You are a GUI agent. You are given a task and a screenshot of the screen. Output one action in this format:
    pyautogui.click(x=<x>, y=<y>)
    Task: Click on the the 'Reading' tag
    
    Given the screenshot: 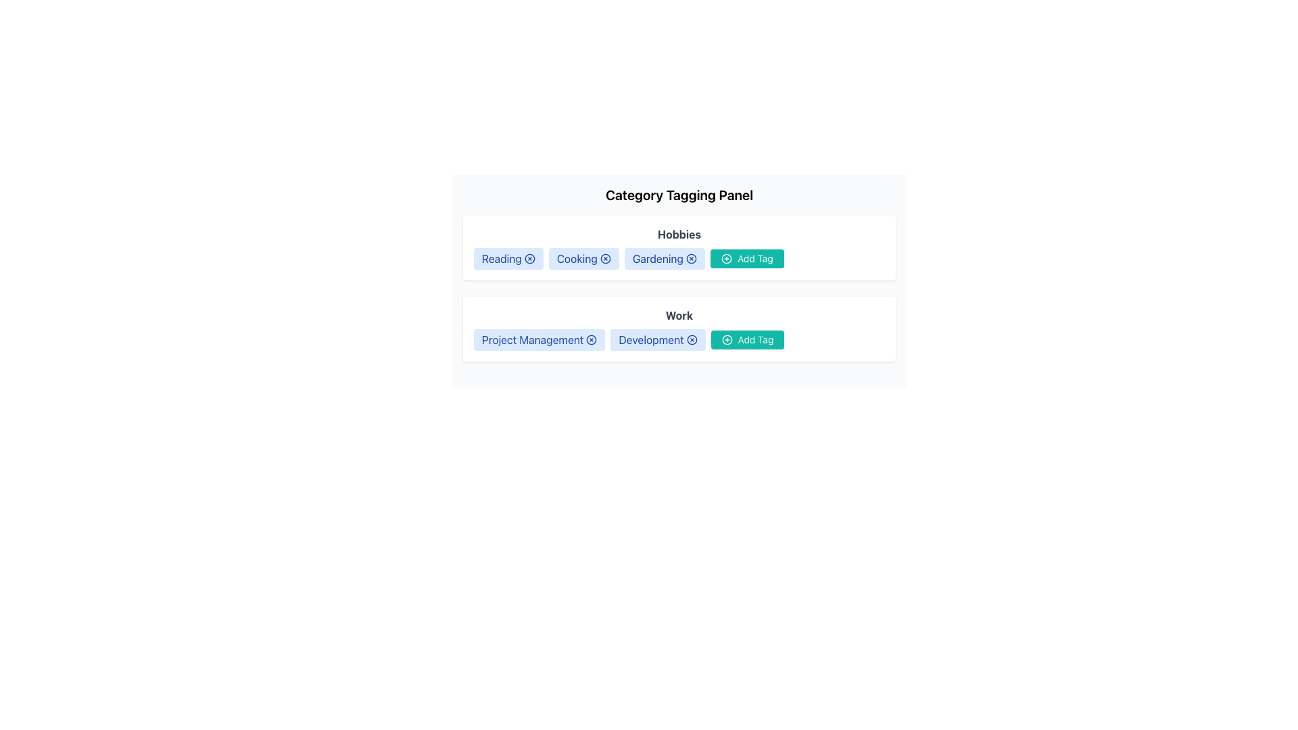 What is the action you would take?
    pyautogui.click(x=508, y=258)
    